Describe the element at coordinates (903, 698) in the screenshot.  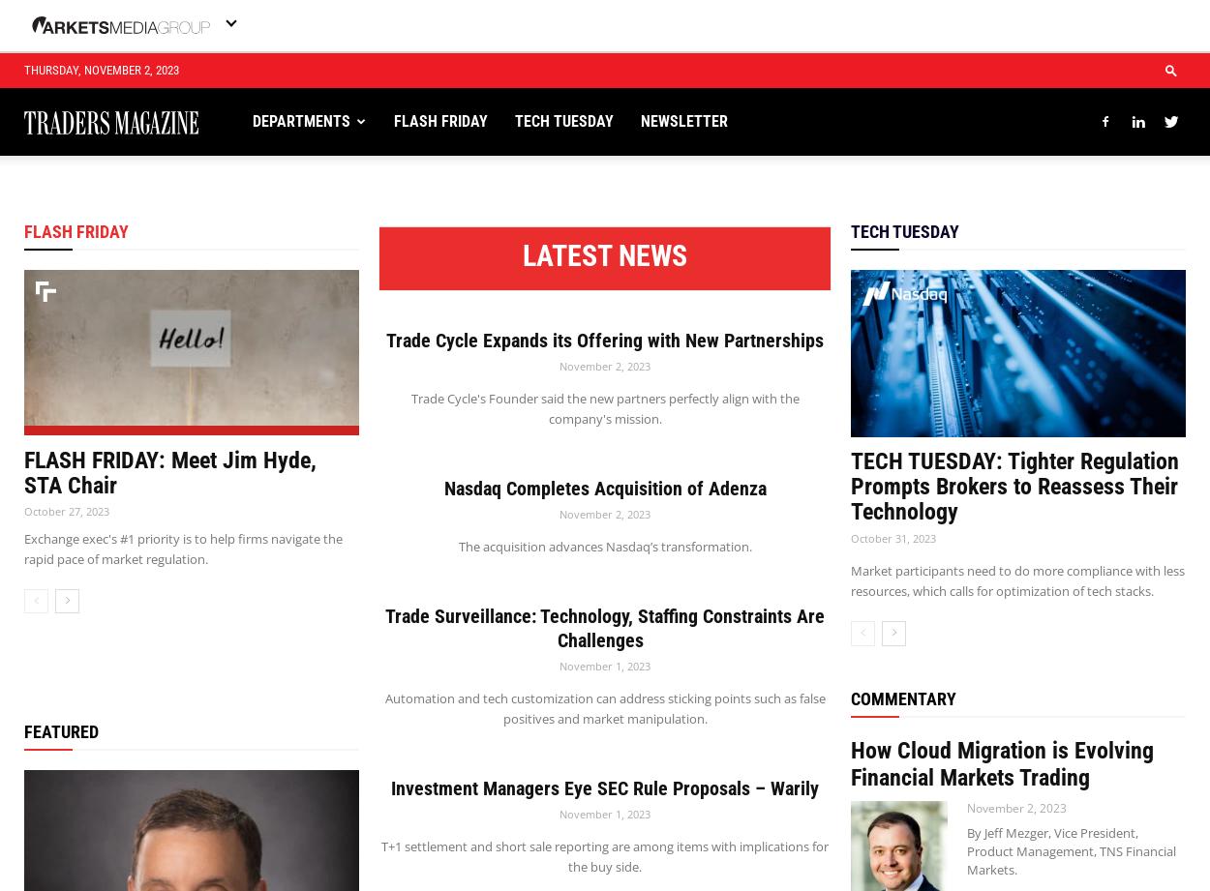
I see `'Commentary'` at that location.